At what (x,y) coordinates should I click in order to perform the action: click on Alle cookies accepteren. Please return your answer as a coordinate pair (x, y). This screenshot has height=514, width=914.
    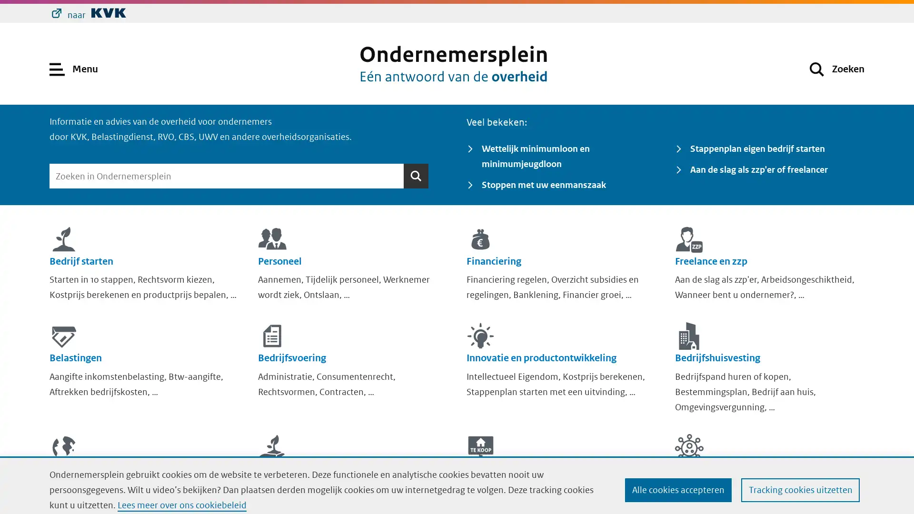
    Looking at the image, I should click on (678, 481).